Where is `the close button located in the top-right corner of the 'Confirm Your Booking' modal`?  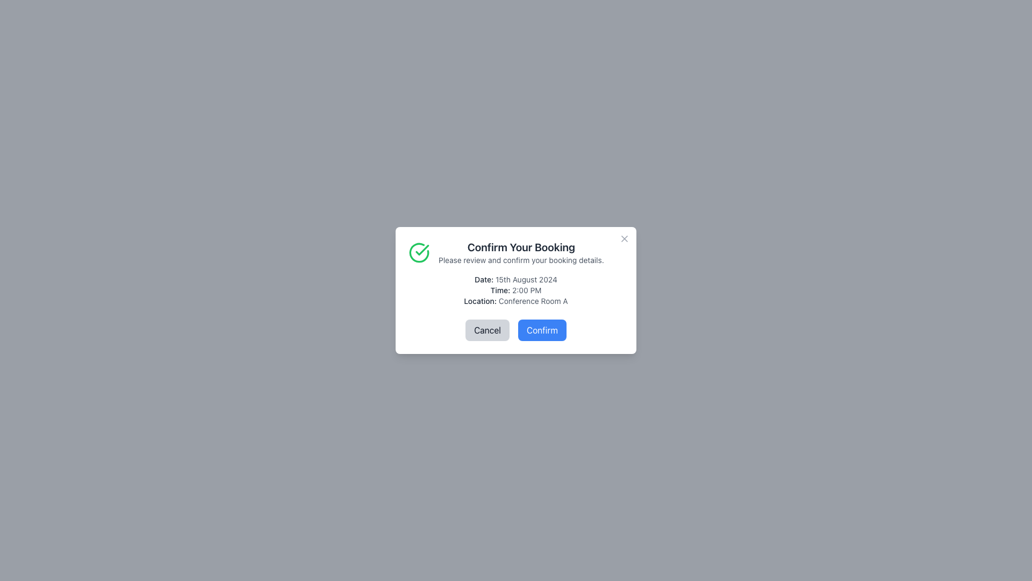
the close button located in the top-right corner of the 'Confirm Your Booking' modal is located at coordinates (624, 238).